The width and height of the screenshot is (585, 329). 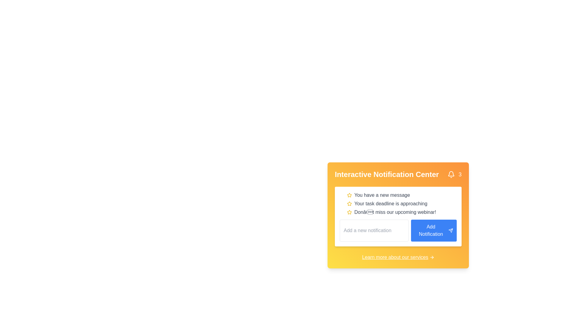 I want to click on the static text displaying the numeral '3', which is styled in white and located to the right of the bell icon in the top-right corner of the 'Interactive Notification Center' box, so click(x=455, y=175).